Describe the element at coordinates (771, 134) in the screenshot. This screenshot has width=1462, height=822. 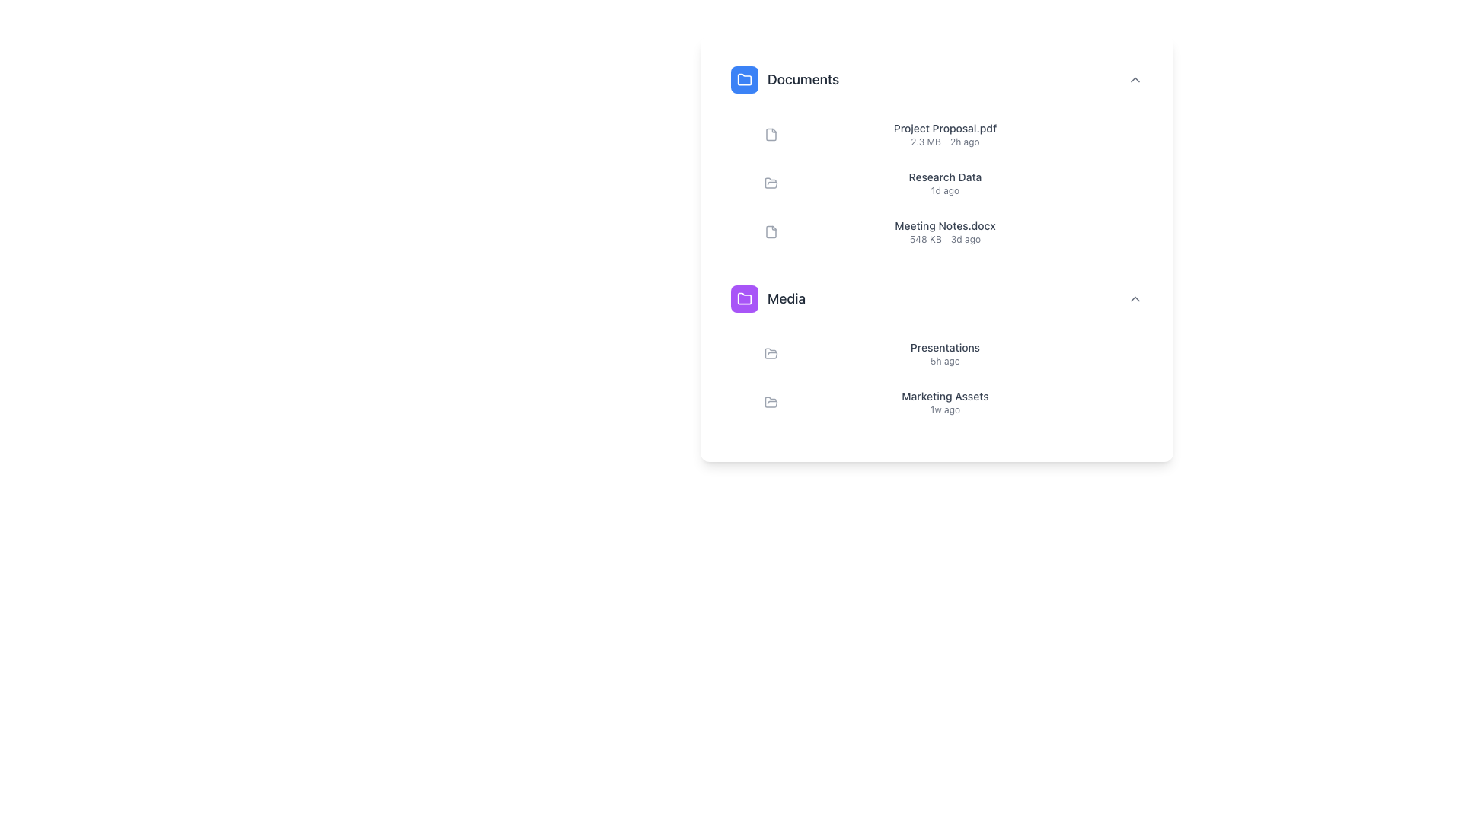
I see `the small document file icon with a gray outline located to the left of the 'Project Proposal.pdf' text in the 'Documents' category` at that location.